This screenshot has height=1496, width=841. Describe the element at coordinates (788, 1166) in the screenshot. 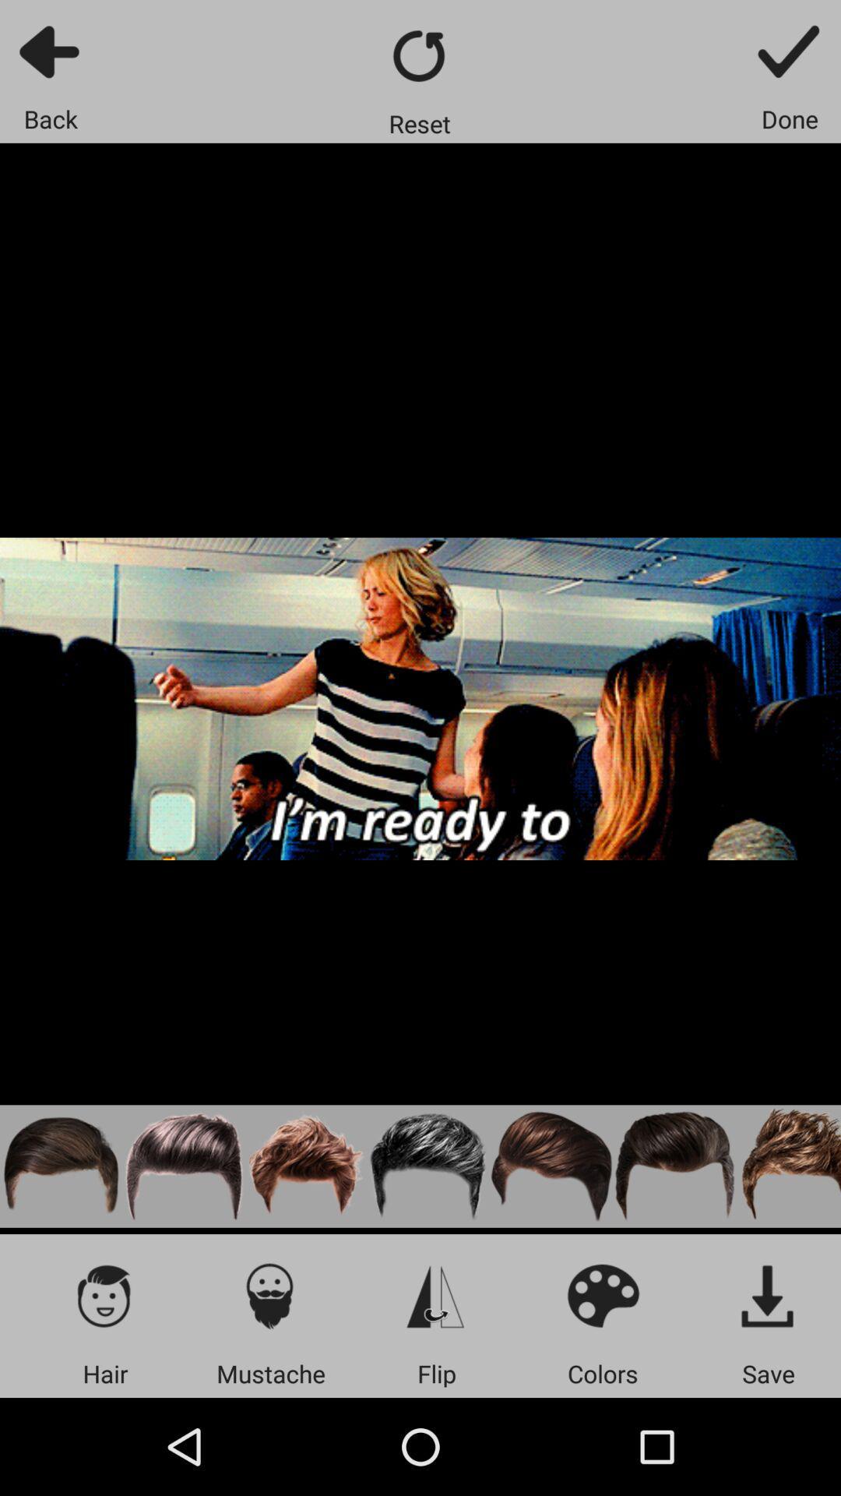

I see `this hairstyle` at that location.